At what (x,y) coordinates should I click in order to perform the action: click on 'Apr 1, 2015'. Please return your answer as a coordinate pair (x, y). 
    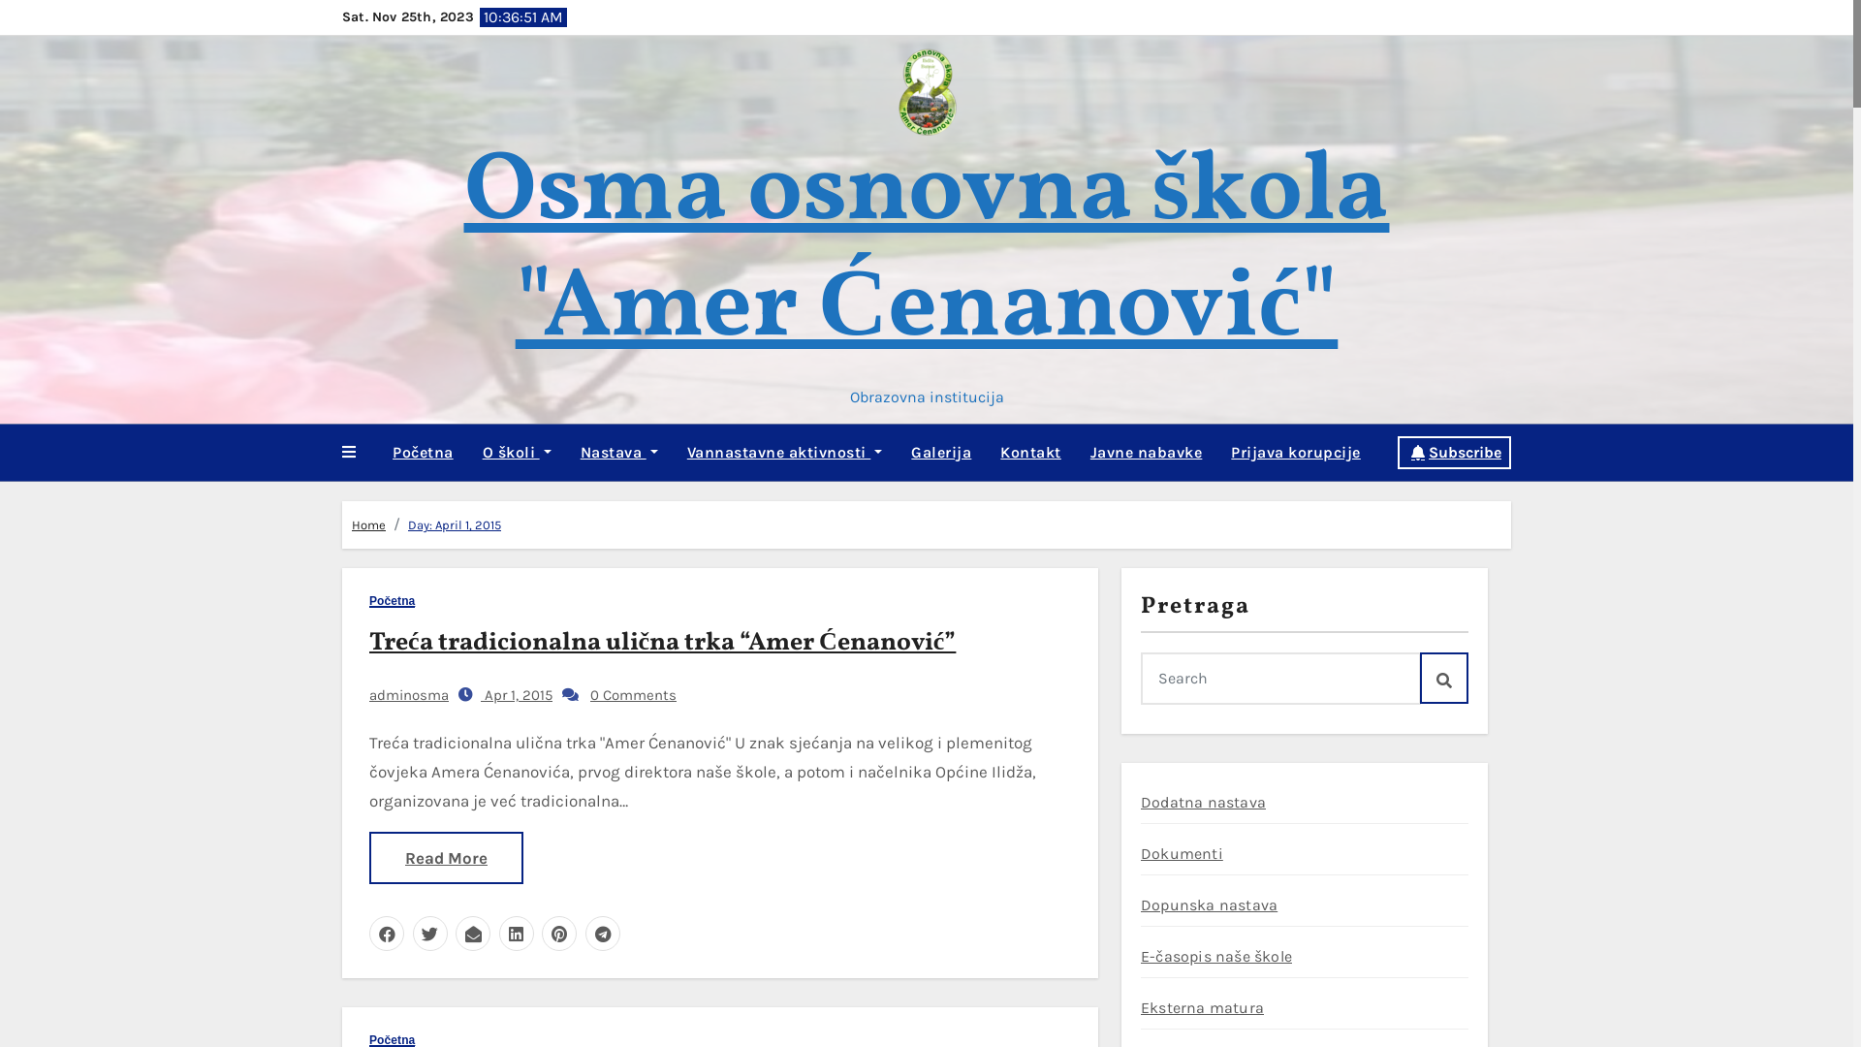
    Looking at the image, I should click on (516, 694).